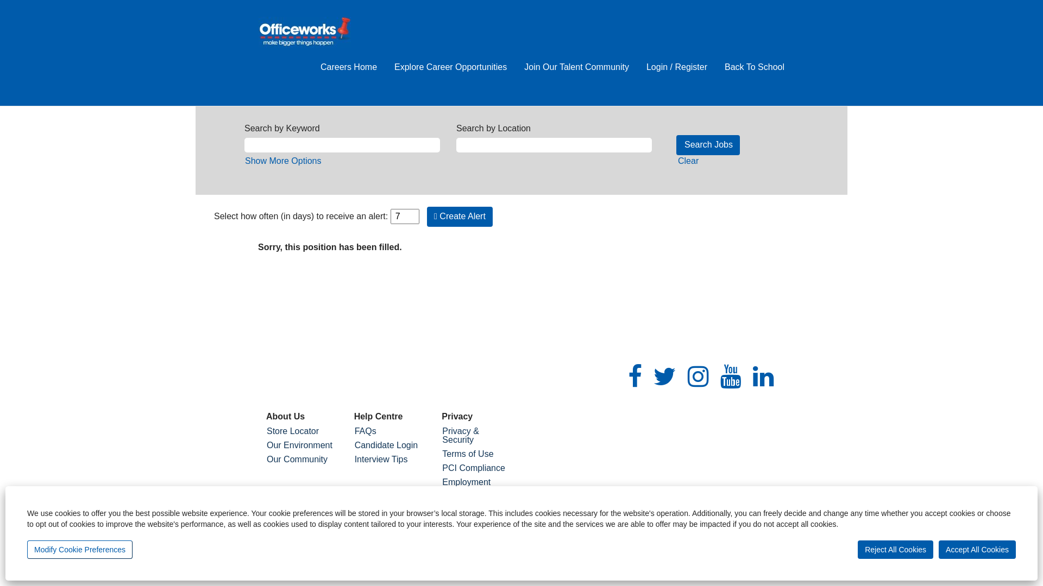  I want to click on 'Careers Home', so click(349, 67).